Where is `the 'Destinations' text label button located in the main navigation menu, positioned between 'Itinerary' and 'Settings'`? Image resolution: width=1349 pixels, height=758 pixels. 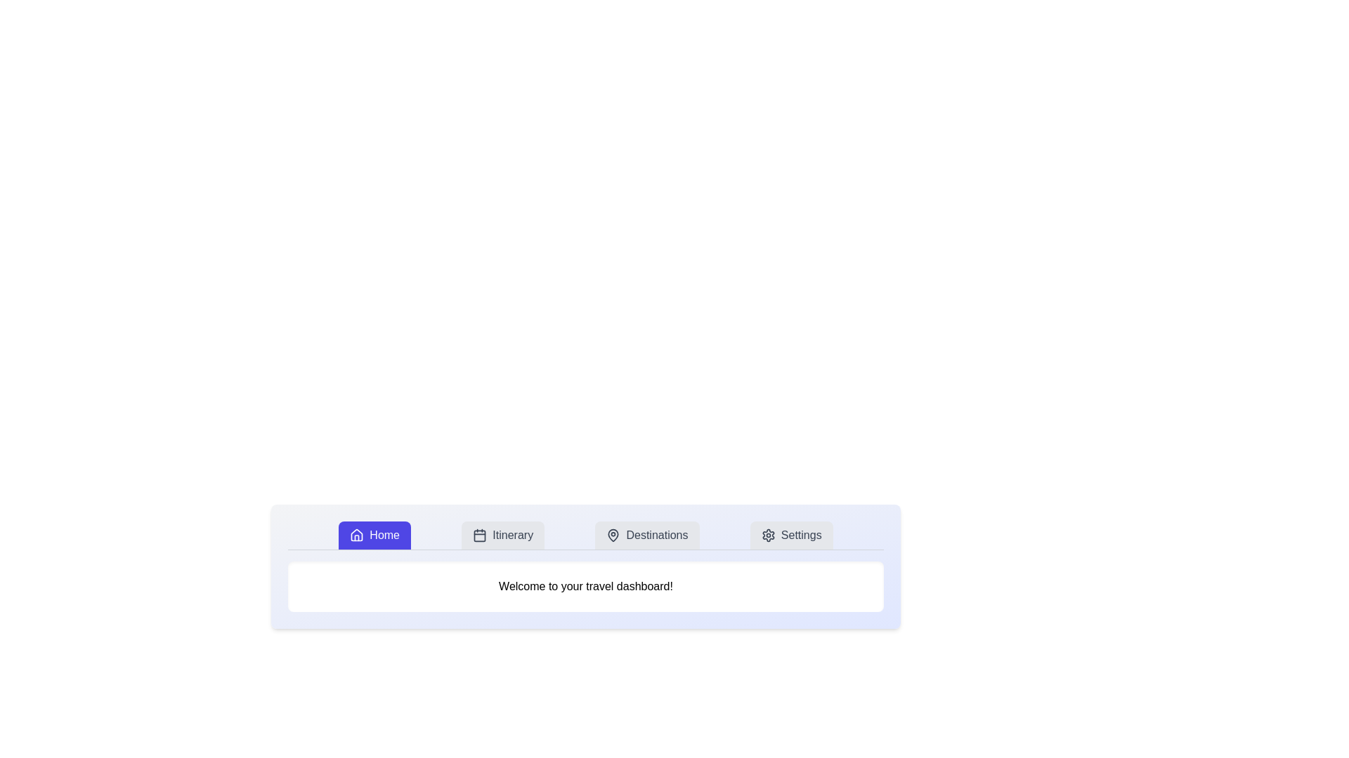
the 'Destinations' text label button located in the main navigation menu, positioned between 'Itinerary' and 'Settings' is located at coordinates (656, 536).